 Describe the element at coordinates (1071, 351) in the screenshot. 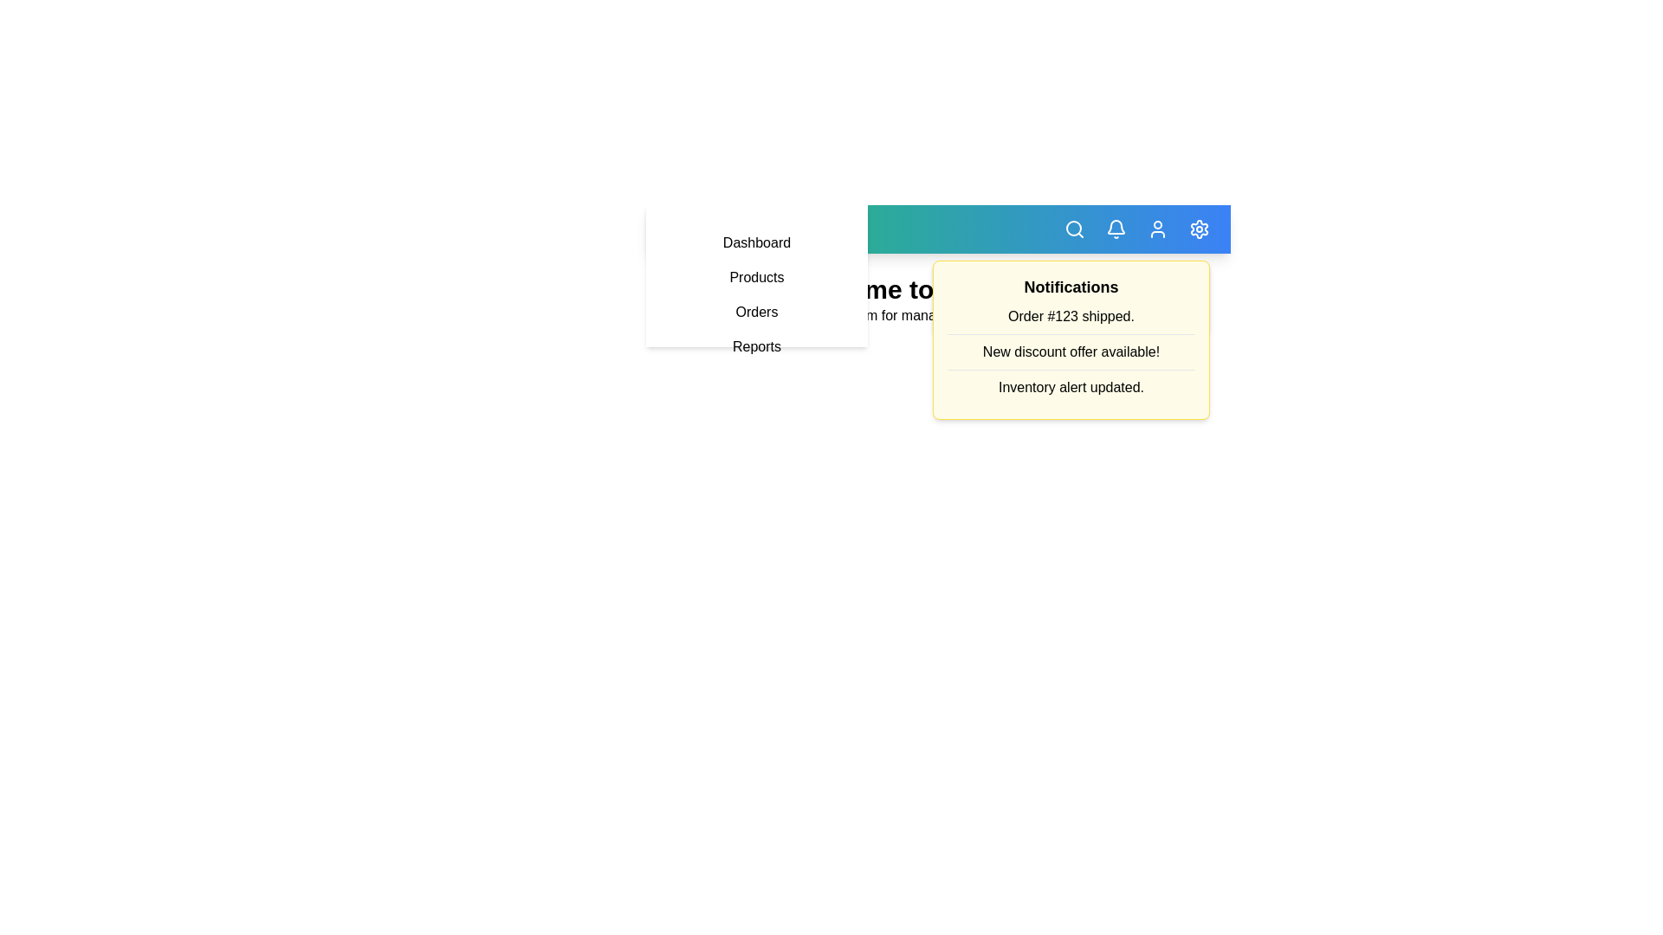

I see `the notification message text label that displays a new discount offer, which is the second item in the notifications section of the list` at that location.